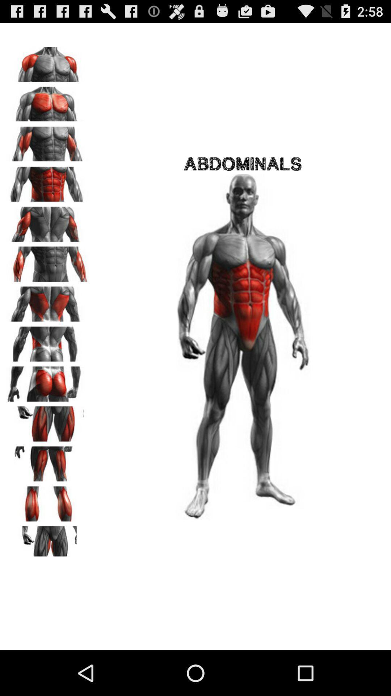 The image size is (391, 696). I want to click on switch body part, so click(47, 302).